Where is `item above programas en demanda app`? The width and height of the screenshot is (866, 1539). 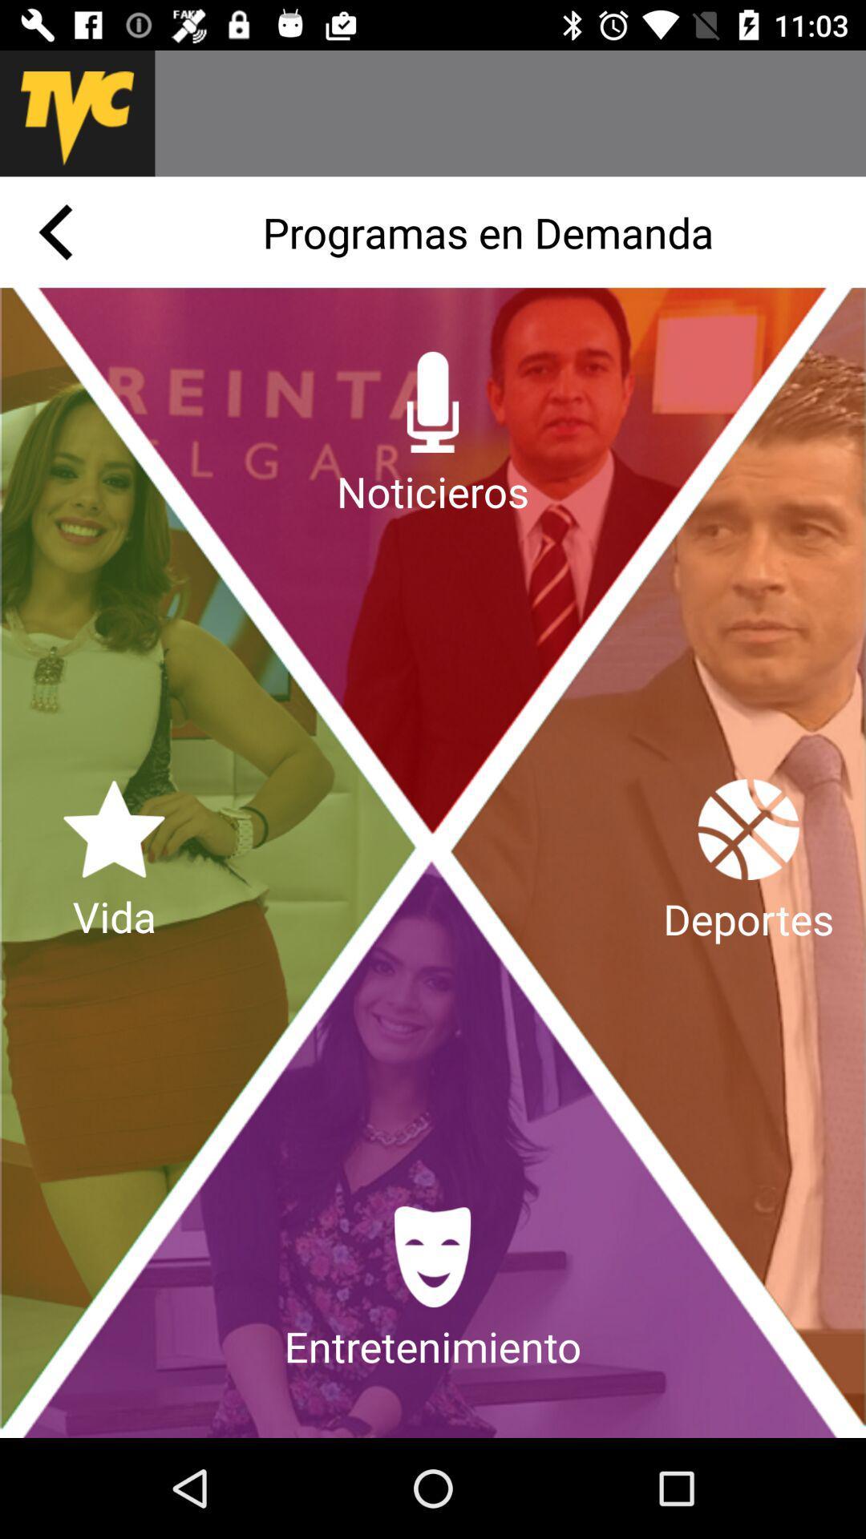
item above programas en demanda app is located at coordinates (510, 112).